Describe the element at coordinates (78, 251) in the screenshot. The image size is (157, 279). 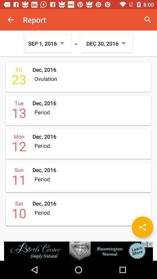
I see `advertisement link` at that location.